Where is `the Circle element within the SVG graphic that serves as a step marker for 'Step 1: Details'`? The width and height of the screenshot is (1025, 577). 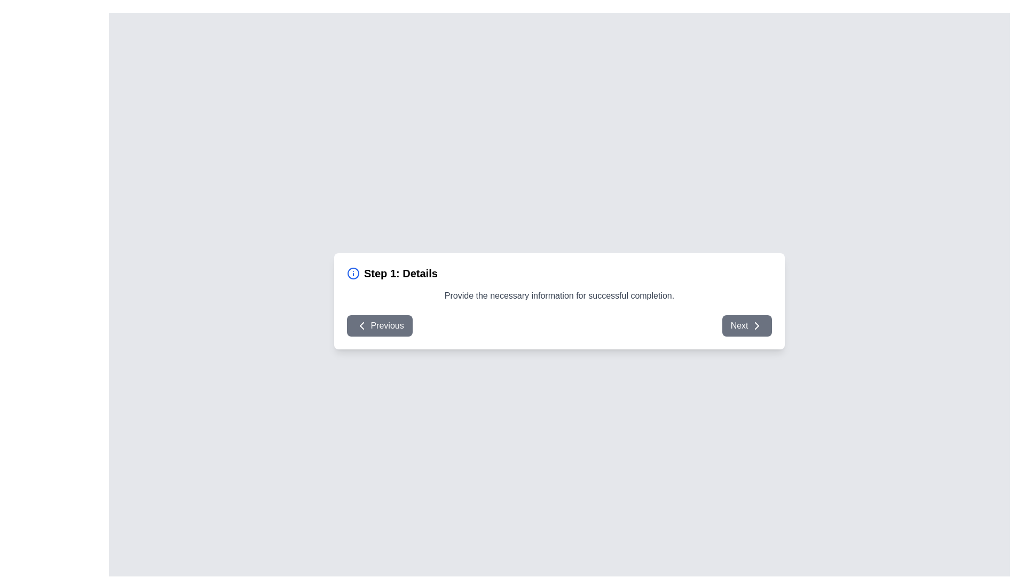 the Circle element within the SVG graphic that serves as a step marker for 'Step 1: Details' is located at coordinates (353, 272).